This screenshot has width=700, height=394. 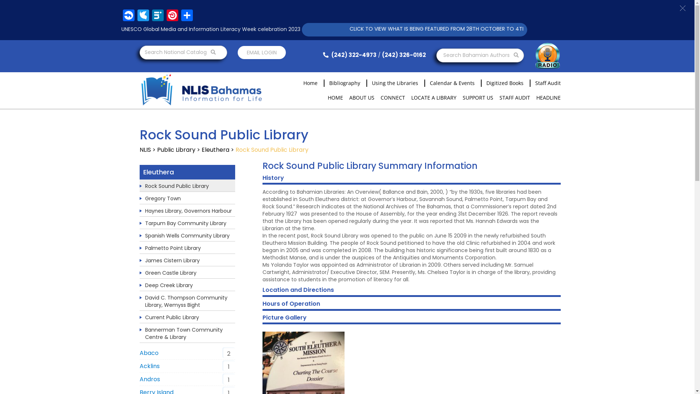 I want to click on 'Palmetto Point Library', so click(x=172, y=247).